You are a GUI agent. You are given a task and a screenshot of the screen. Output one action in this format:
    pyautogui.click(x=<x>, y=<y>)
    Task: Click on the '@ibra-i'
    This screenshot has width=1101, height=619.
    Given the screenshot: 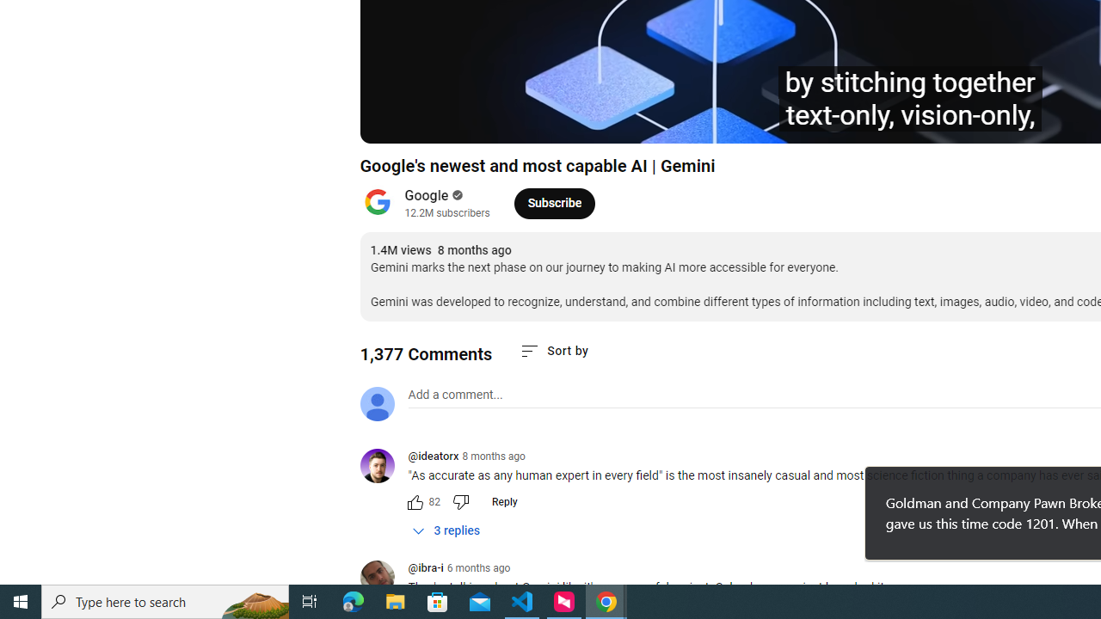 What is the action you would take?
    pyautogui.click(x=425, y=569)
    